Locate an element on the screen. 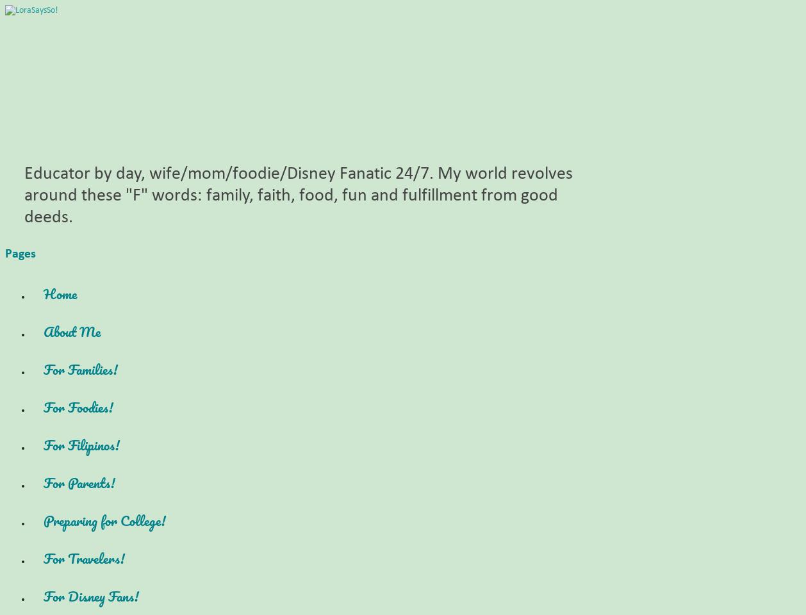  'For Foodies!' is located at coordinates (44, 406).